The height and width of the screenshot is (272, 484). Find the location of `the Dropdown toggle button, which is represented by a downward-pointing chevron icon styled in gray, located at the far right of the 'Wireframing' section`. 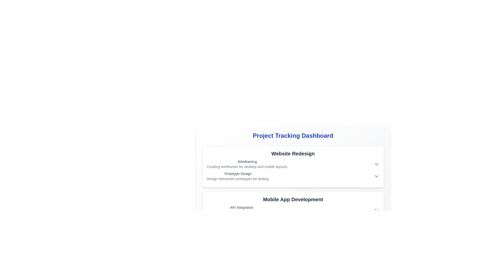

the Dropdown toggle button, which is represented by a downward-pointing chevron icon styled in gray, located at the far right of the 'Wireframing' section is located at coordinates (376, 164).